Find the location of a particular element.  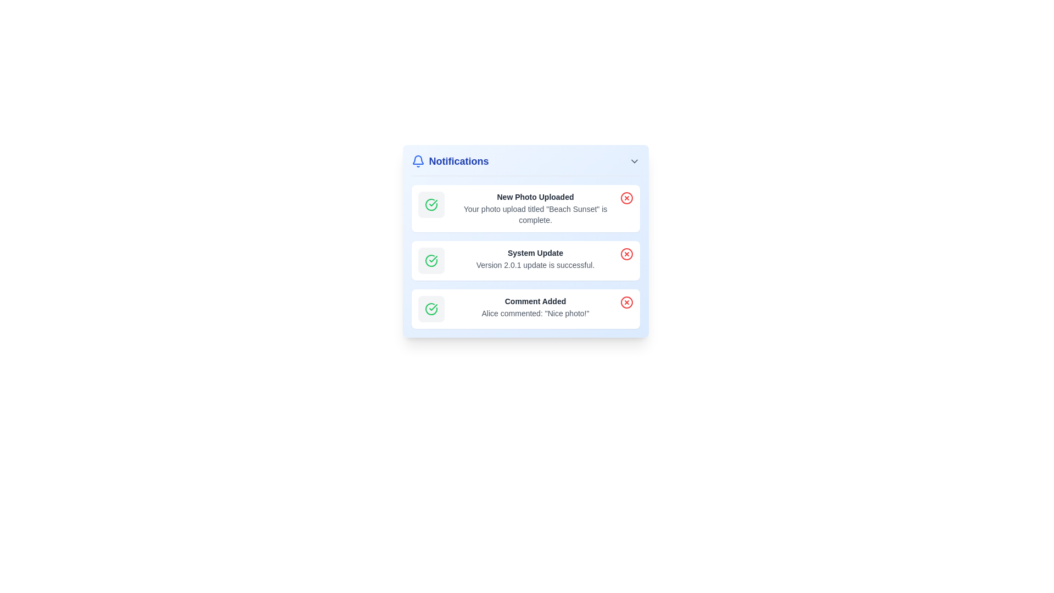

text label displaying 'System Update' which is styled in bold black font and is centered horizontally in the notification panel, located above the text 'Version 2.0.1 update is successful.' is located at coordinates (535, 253).